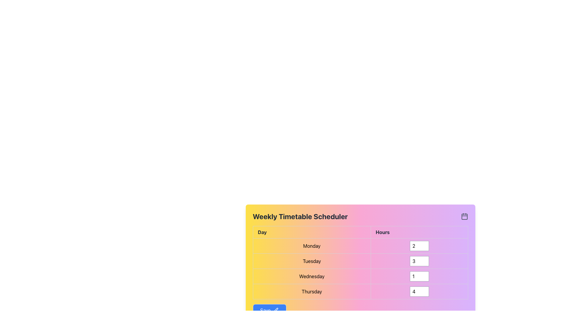  Describe the element at coordinates (312, 246) in the screenshot. I see `the static label representing 'Monday' in the schedule table, which is the first row under the 'Day' heading` at that location.